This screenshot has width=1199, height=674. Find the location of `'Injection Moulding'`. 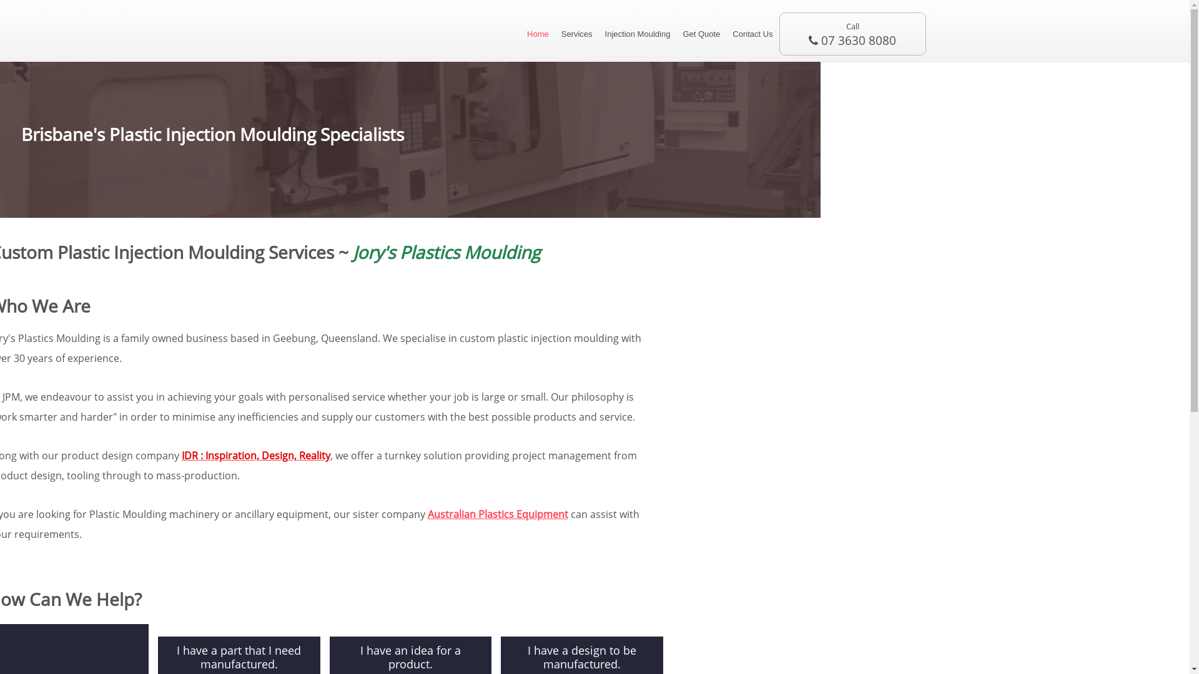

'Injection Moulding' is located at coordinates (638, 33).